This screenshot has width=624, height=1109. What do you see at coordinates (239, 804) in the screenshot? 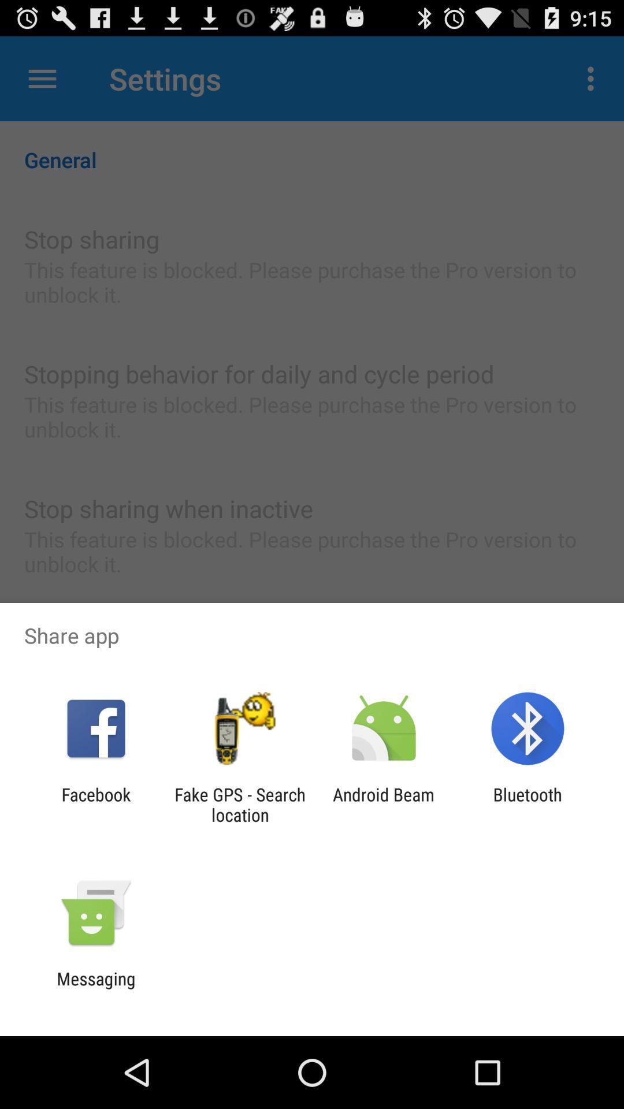
I see `the item to the right of the facebook item` at bounding box center [239, 804].